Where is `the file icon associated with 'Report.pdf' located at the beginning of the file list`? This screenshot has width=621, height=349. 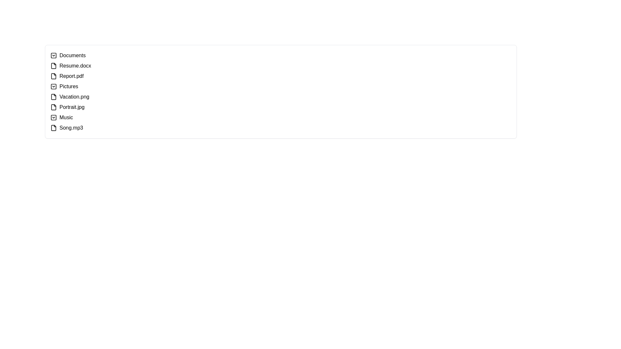 the file icon associated with 'Report.pdf' located at the beginning of the file list is located at coordinates (54, 76).